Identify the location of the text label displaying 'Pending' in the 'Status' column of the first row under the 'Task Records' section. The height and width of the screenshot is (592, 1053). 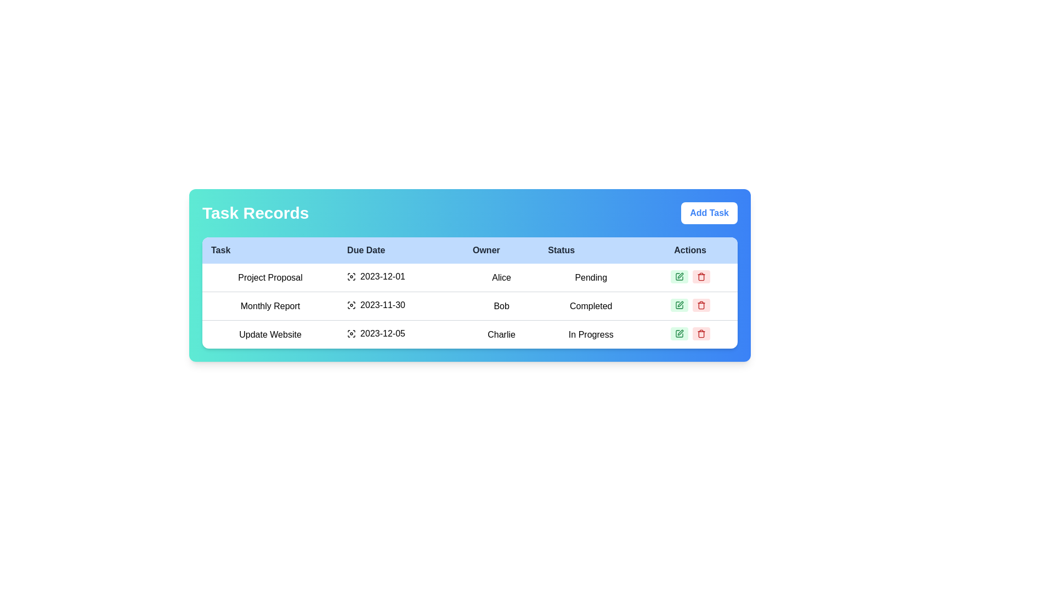
(590, 277).